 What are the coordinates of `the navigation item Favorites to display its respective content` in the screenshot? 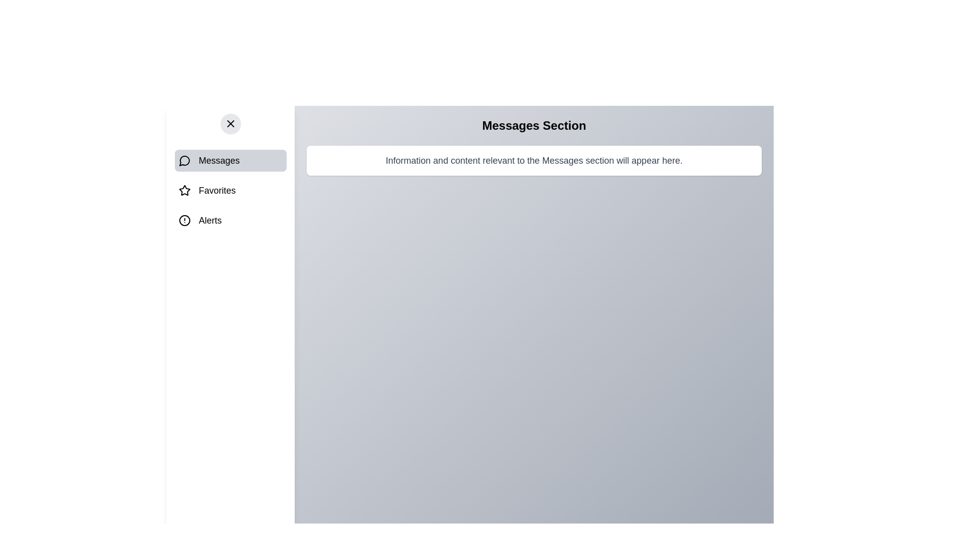 It's located at (230, 190).